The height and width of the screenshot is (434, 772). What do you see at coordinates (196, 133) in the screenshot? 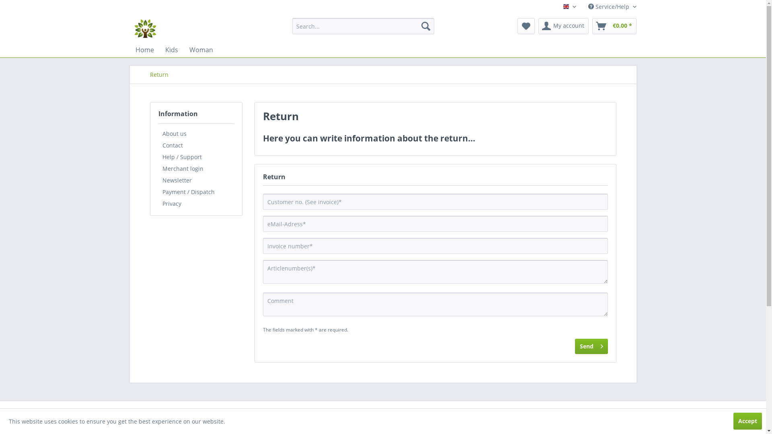
I see `'About us'` at bounding box center [196, 133].